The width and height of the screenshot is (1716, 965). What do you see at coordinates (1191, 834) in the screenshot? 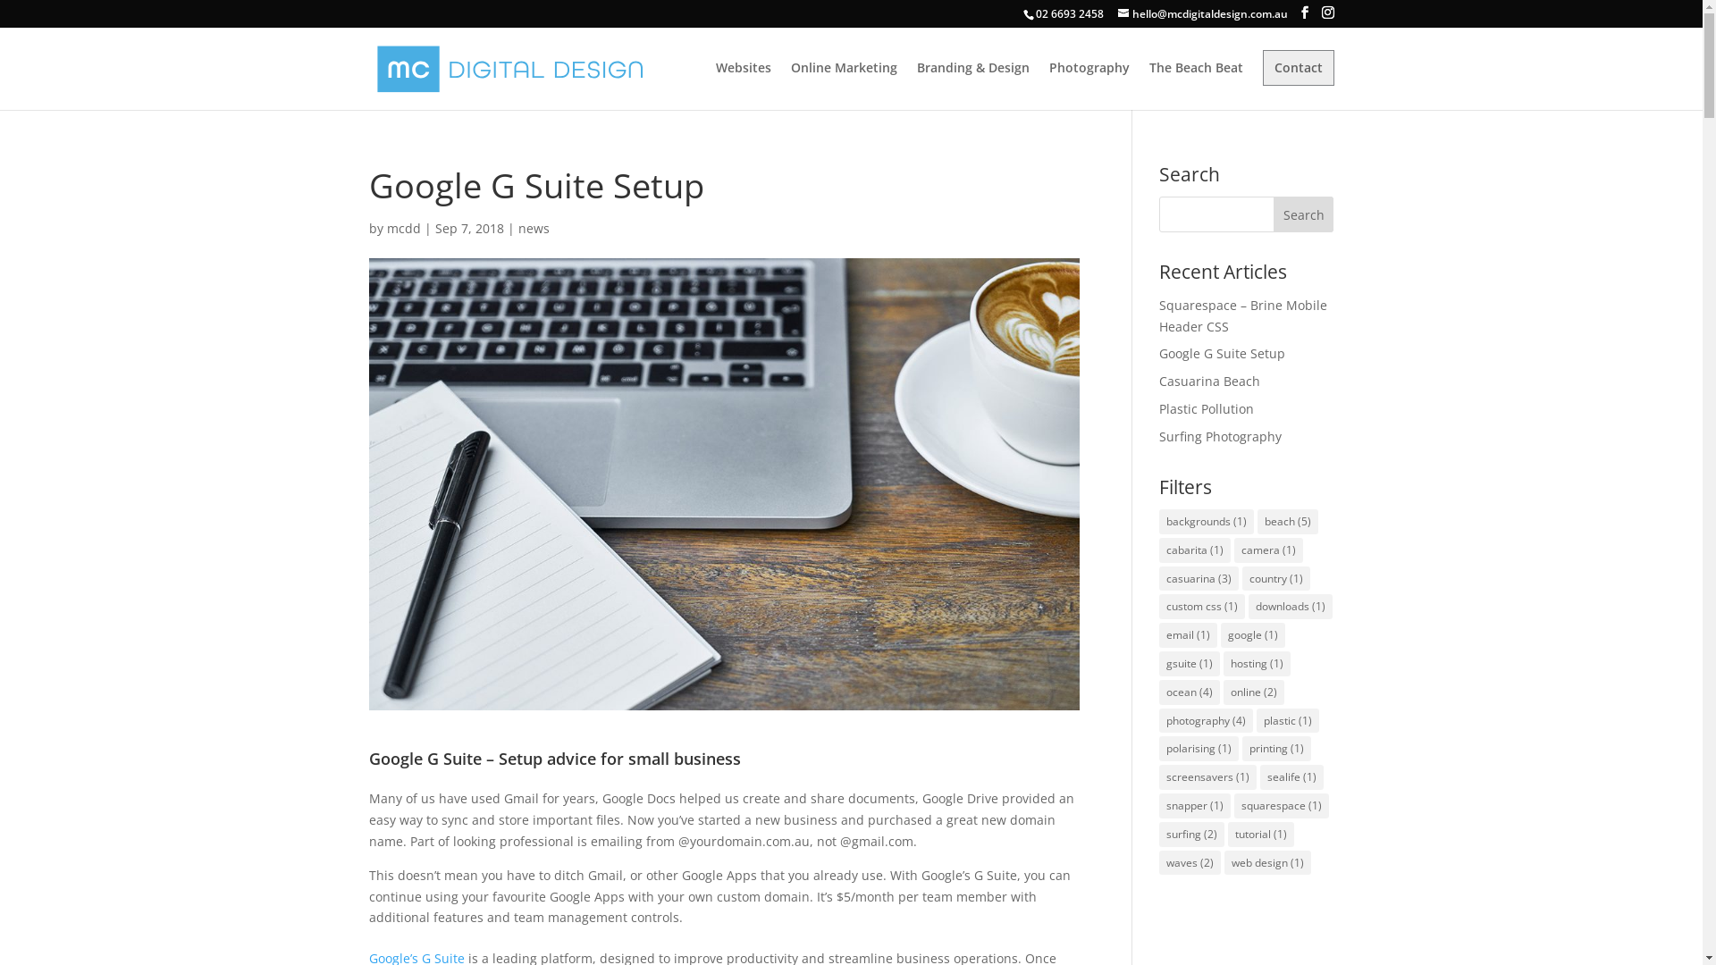
I see `'surfing (2)'` at bounding box center [1191, 834].